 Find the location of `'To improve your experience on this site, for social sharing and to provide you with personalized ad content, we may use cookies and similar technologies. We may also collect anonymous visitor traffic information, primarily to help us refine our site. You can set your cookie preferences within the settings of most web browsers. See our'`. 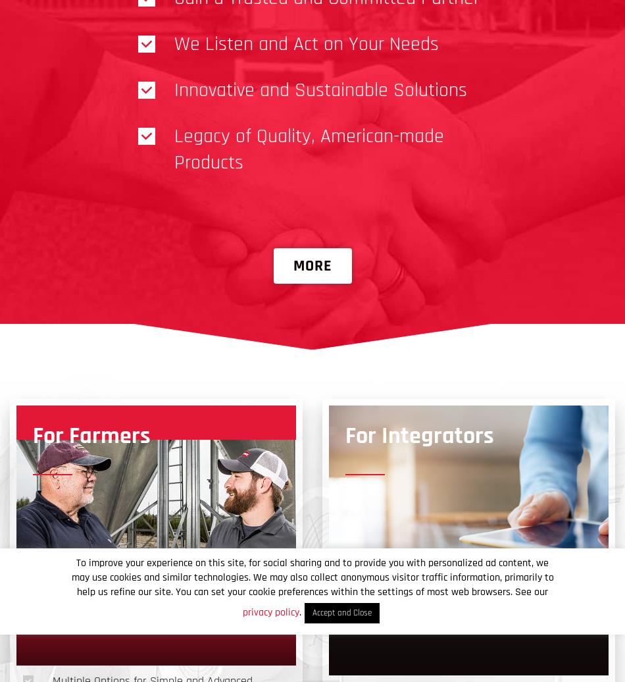

'To improve your experience on this site, for social sharing and to provide you with personalized ad content, we may use cookies and similar technologies. We may also collect anonymous visitor traffic information, primarily to help us refine our site. You can set your cookie preferences within the settings of most web browsers. See our' is located at coordinates (311, 577).